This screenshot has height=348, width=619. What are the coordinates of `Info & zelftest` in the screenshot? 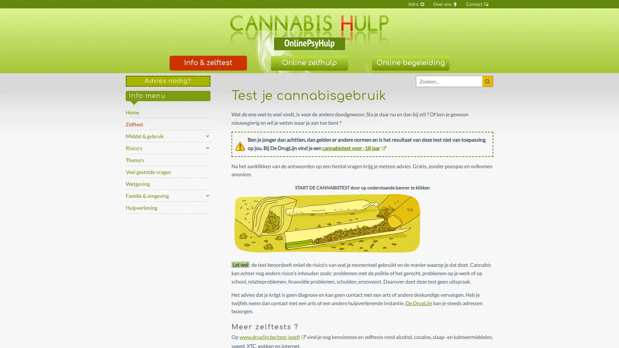 It's located at (208, 63).